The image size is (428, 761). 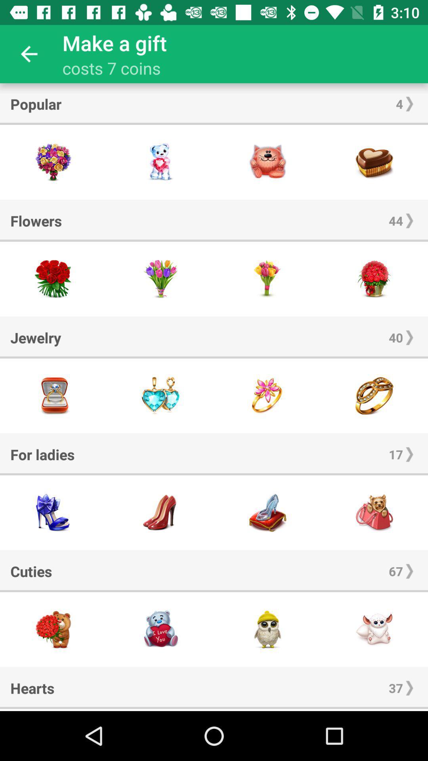 What do you see at coordinates (36, 103) in the screenshot?
I see `icon next to 4` at bounding box center [36, 103].